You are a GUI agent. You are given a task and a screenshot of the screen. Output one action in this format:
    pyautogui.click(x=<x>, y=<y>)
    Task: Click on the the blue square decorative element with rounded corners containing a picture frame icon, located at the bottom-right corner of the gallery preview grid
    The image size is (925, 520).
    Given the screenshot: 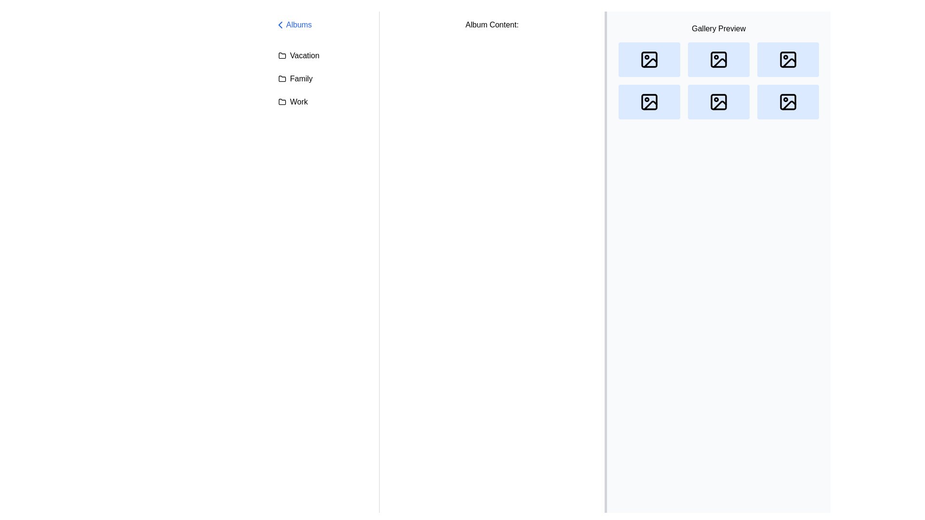 What is the action you would take?
    pyautogui.click(x=788, y=102)
    